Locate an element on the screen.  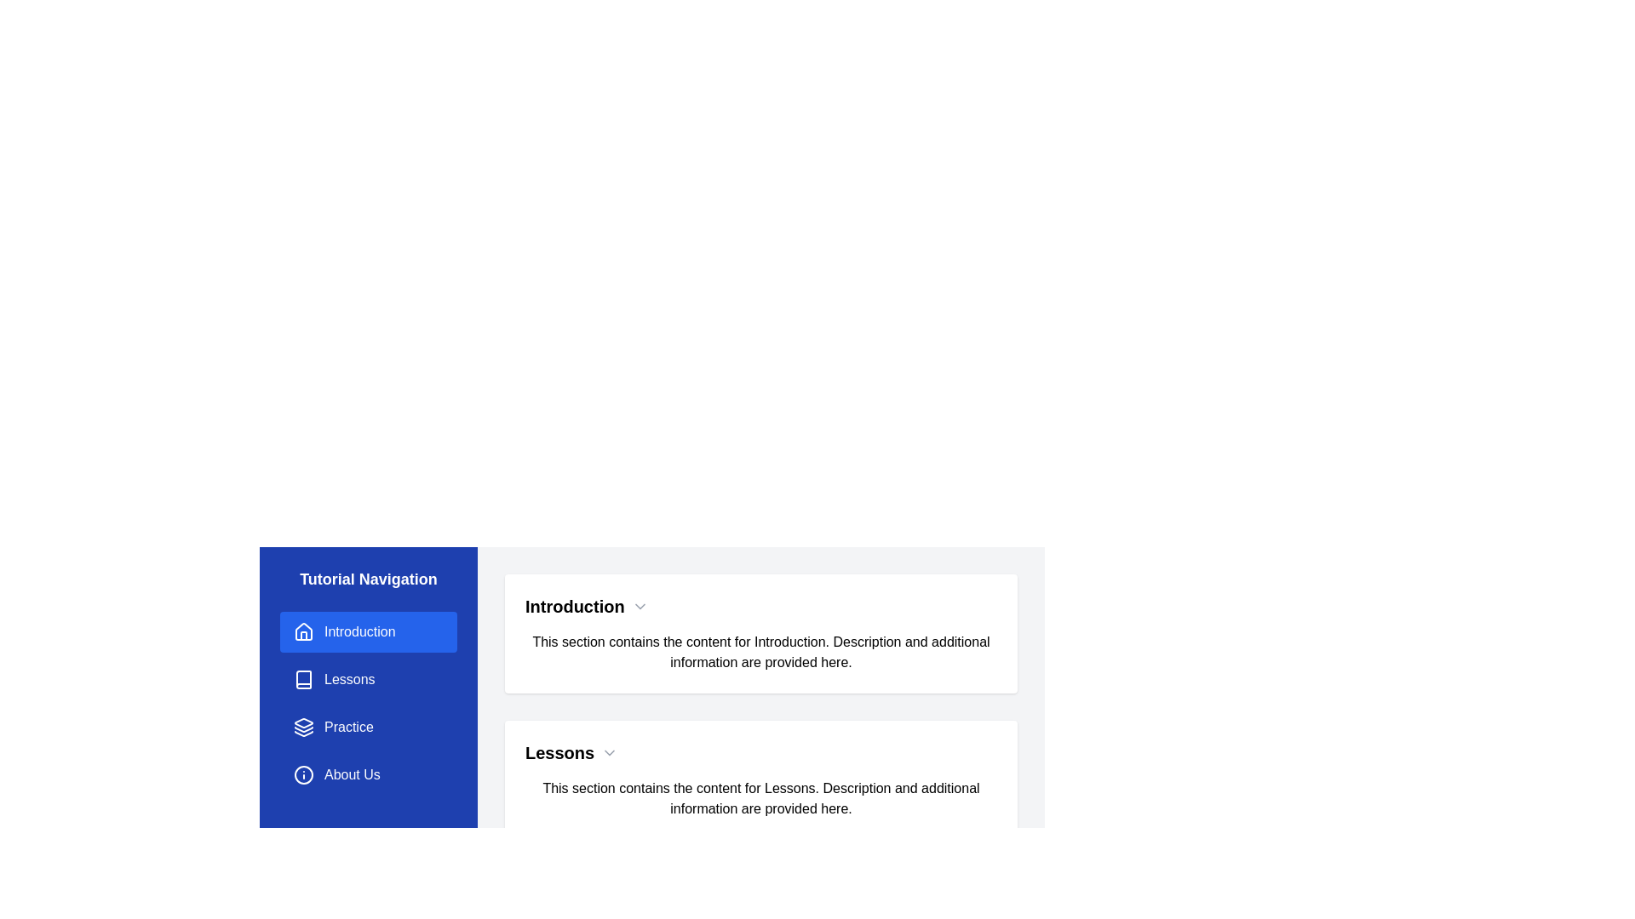
the third navigation button in the sidebar, located below the 'Lessons' button and above the 'About Us' button is located at coordinates (367, 728).